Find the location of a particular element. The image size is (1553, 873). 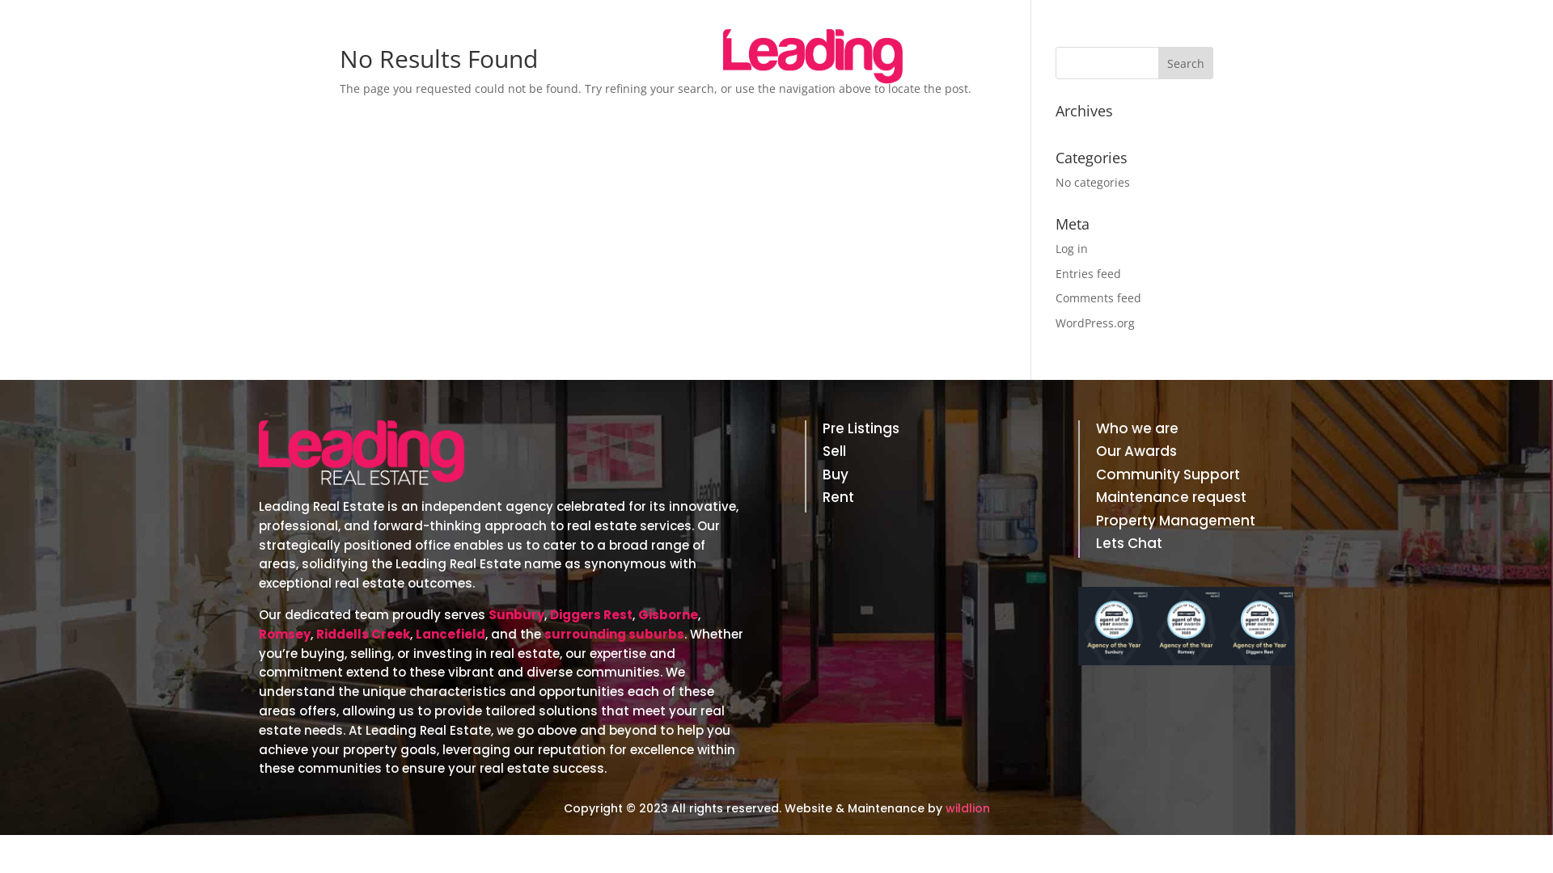

'Community Support' is located at coordinates (1095, 476).